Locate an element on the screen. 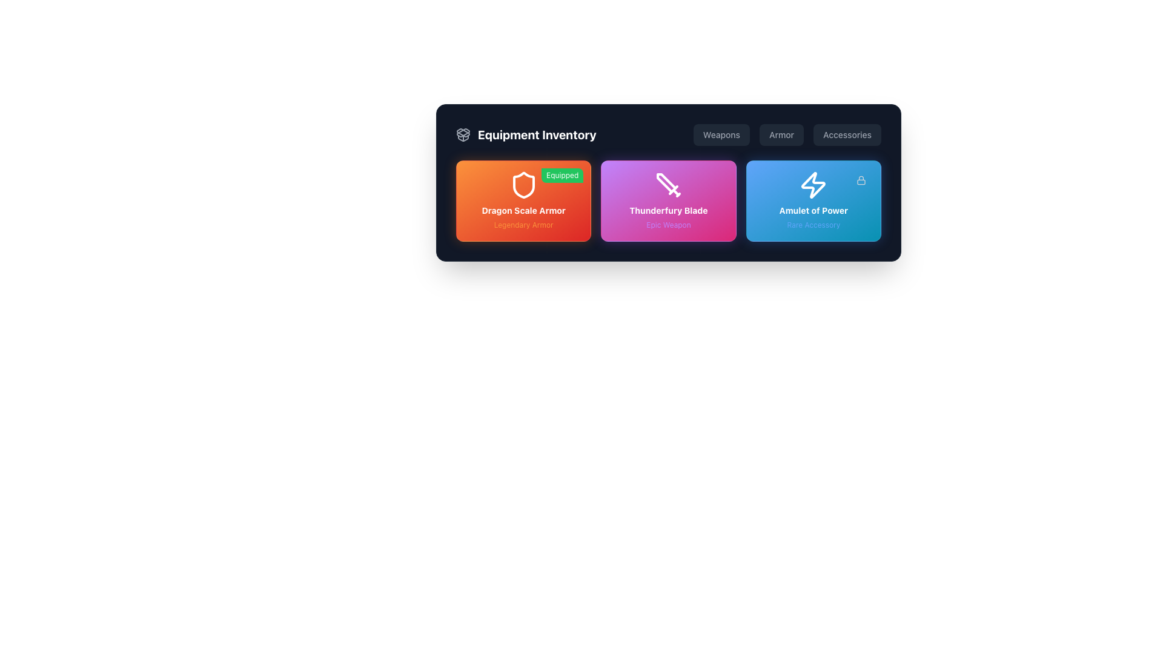 Image resolution: width=1163 pixels, height=654 pixels. information displayed on the second Display card, which is located between 'Dragon Scale Armor' and 'Amulet of Power' in the inventory menu is located at coordinates (668, 200).